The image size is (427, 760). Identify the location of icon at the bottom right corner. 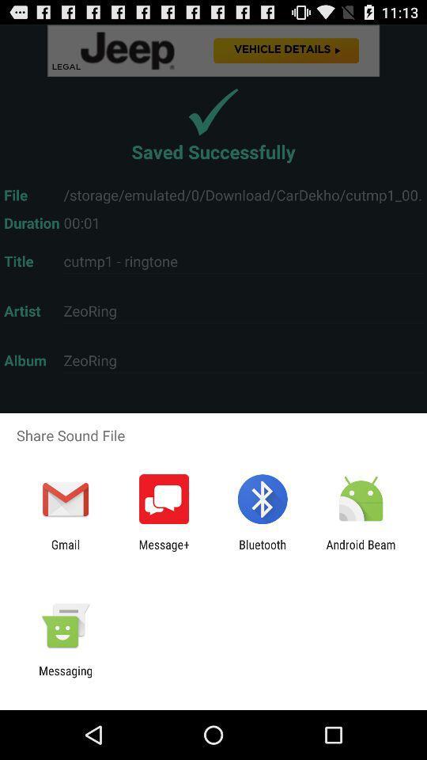
(361, 551).